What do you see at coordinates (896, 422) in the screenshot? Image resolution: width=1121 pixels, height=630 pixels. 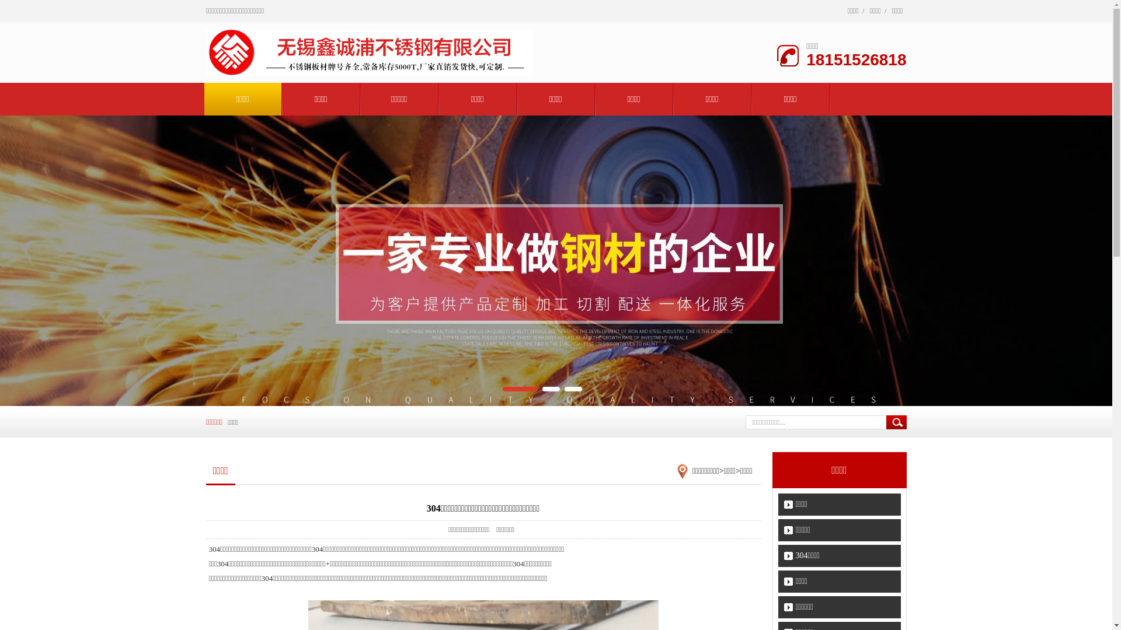 I see `'   '` at bounding box center [896, 422].